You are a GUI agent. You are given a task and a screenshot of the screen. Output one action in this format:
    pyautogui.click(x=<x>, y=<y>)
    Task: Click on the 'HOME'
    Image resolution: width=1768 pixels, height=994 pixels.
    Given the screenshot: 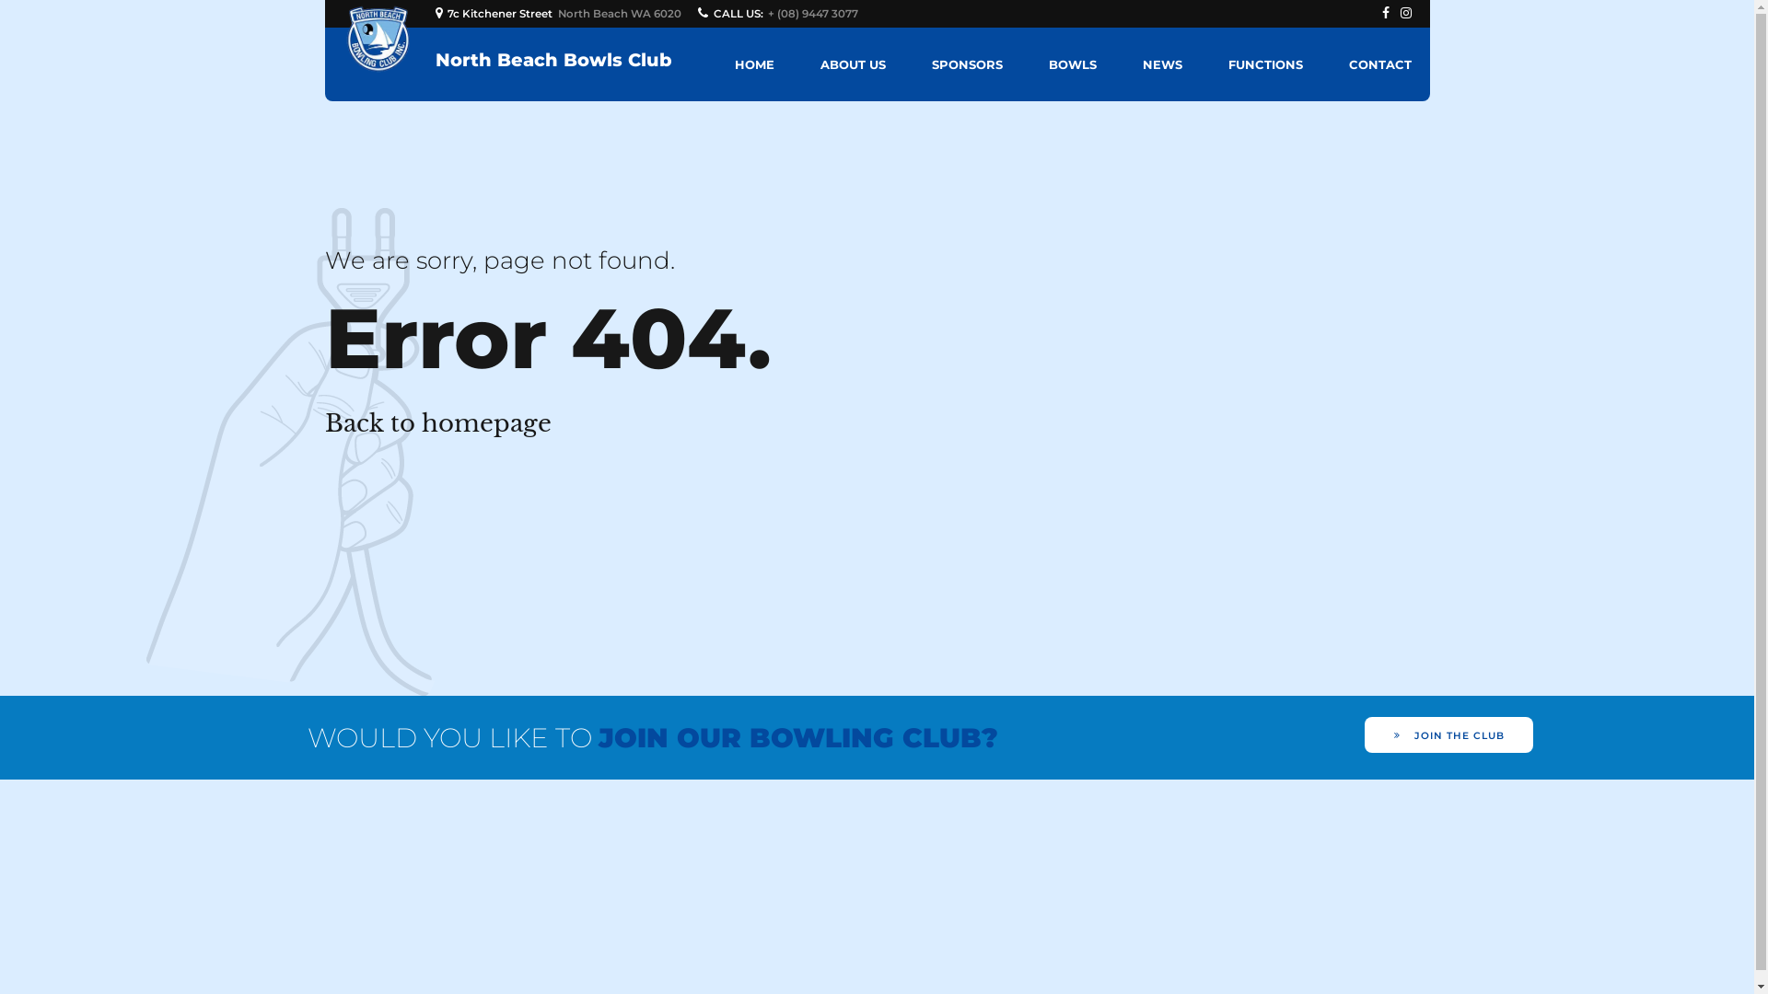 What is the action you would take?
    pyautogui.click(x=754, y=63)
    